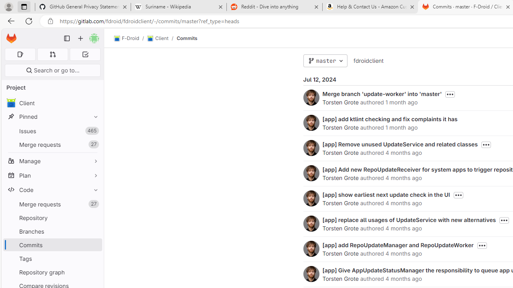  Describe the element at coordinates (186, 38) in the screenshot. I see `'Commits'` at that location.